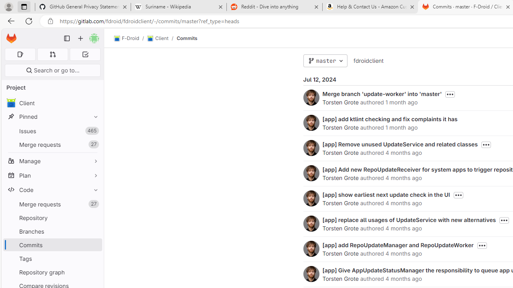  Describe the element at coordinates (186, 38) in the screenshot. I see `'Commits'` at that location.